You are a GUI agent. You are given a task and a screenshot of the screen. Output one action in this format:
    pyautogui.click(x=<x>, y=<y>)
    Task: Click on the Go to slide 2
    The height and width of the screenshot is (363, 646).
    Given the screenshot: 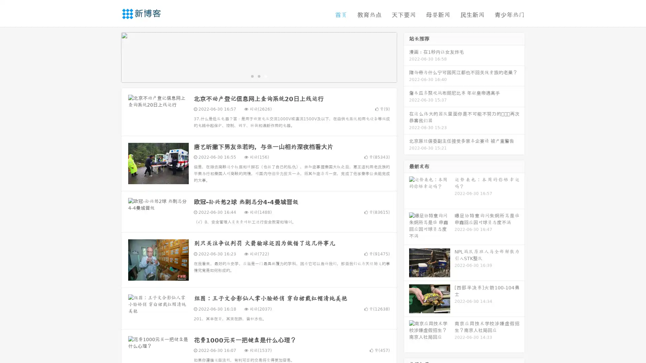 What is the action you would take?
    pyautogui.click(x=258, y=76)
    